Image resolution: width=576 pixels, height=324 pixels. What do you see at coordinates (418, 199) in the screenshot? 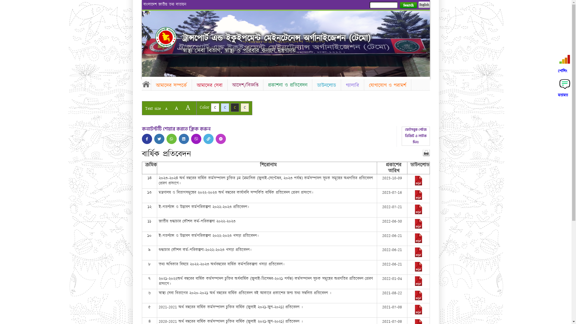
I see `'2023-07-16-07-19-ae5793ab0bb5beb9300062891aace4e0.pdf'` at bounding box center [418, 199].